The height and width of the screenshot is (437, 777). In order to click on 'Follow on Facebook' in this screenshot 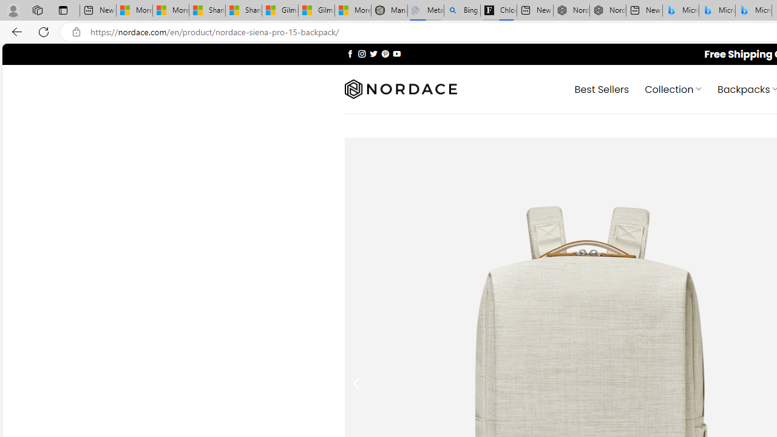, I will do `click(350, 53)`.